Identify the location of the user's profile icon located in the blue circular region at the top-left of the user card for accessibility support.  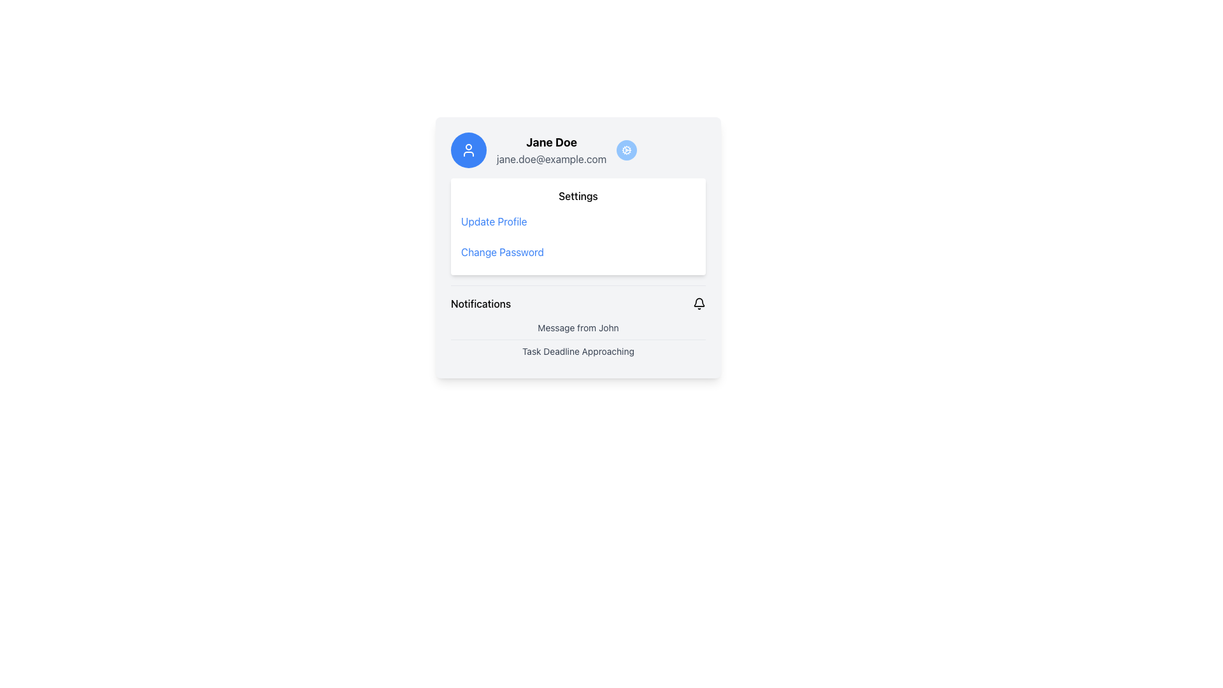
(468, 149).